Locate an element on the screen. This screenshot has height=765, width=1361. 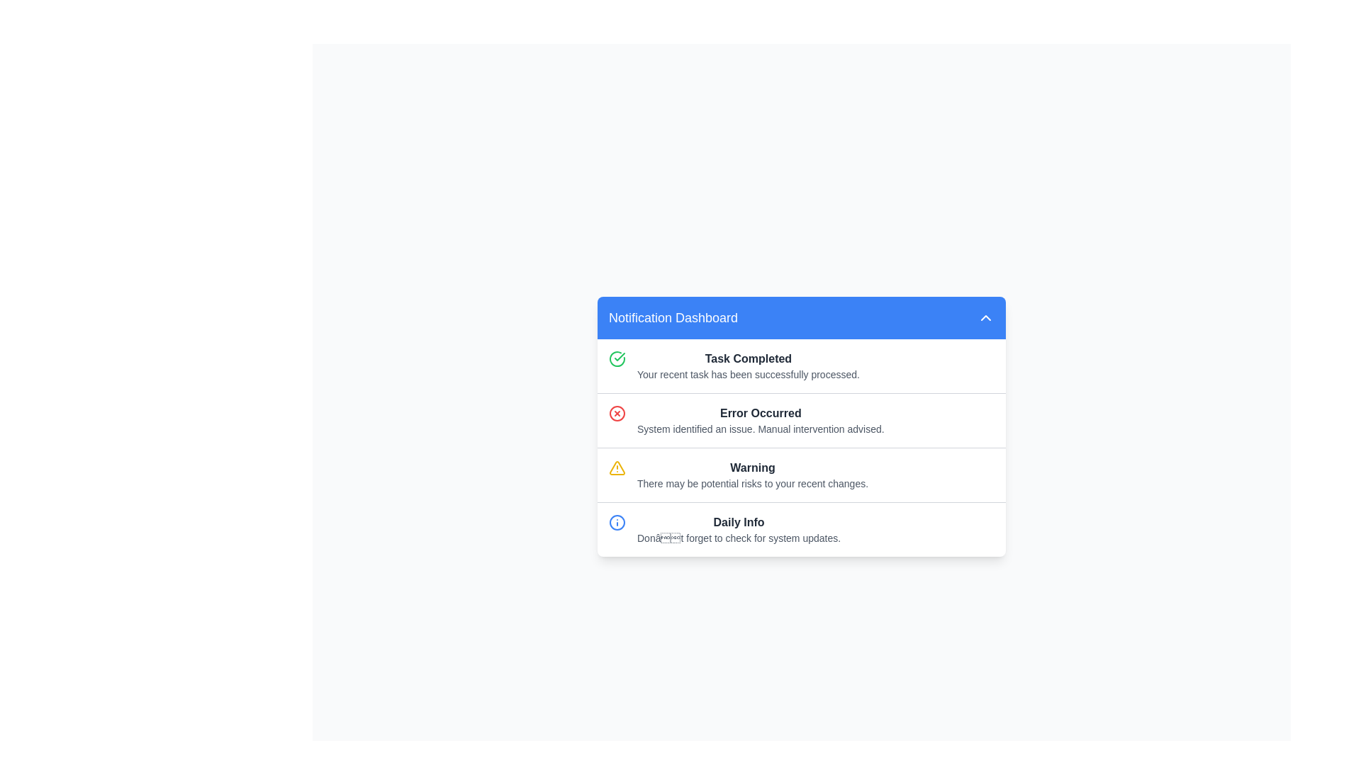
text from the Notification banner that indicates a task was successfully completed, positioned above the 'Error Occurred' notification within the notification card is located at coordinates (802, 365).